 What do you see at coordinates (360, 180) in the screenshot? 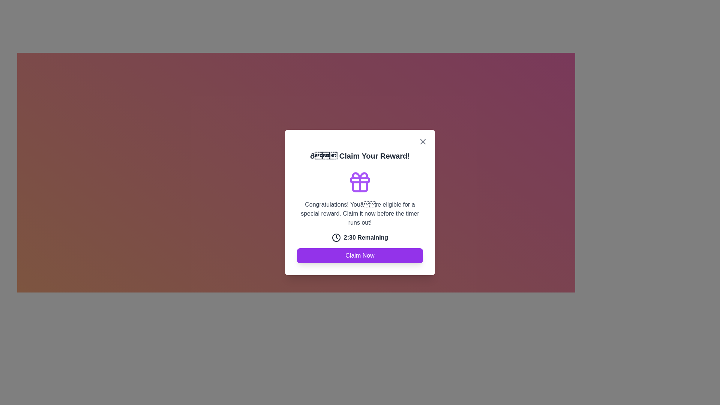
I see `the decorative SVG component that serves as the horizontal band of the gift icon, positioned centrally within the SVG` at bounding box center [360, 180].